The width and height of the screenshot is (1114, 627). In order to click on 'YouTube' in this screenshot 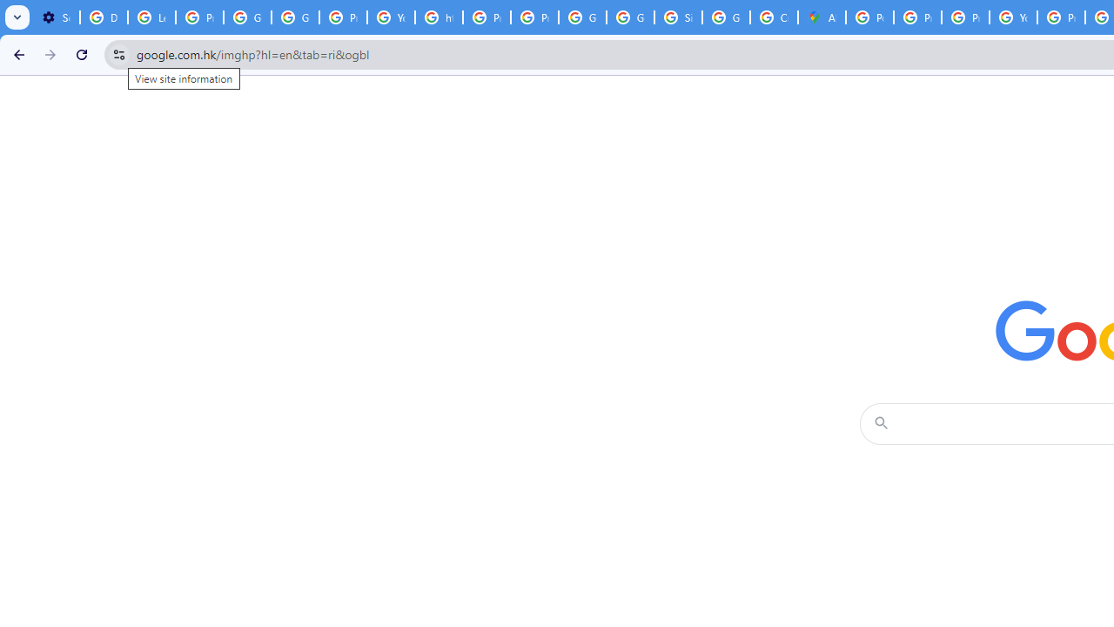, I will do `click(390, 17)`.